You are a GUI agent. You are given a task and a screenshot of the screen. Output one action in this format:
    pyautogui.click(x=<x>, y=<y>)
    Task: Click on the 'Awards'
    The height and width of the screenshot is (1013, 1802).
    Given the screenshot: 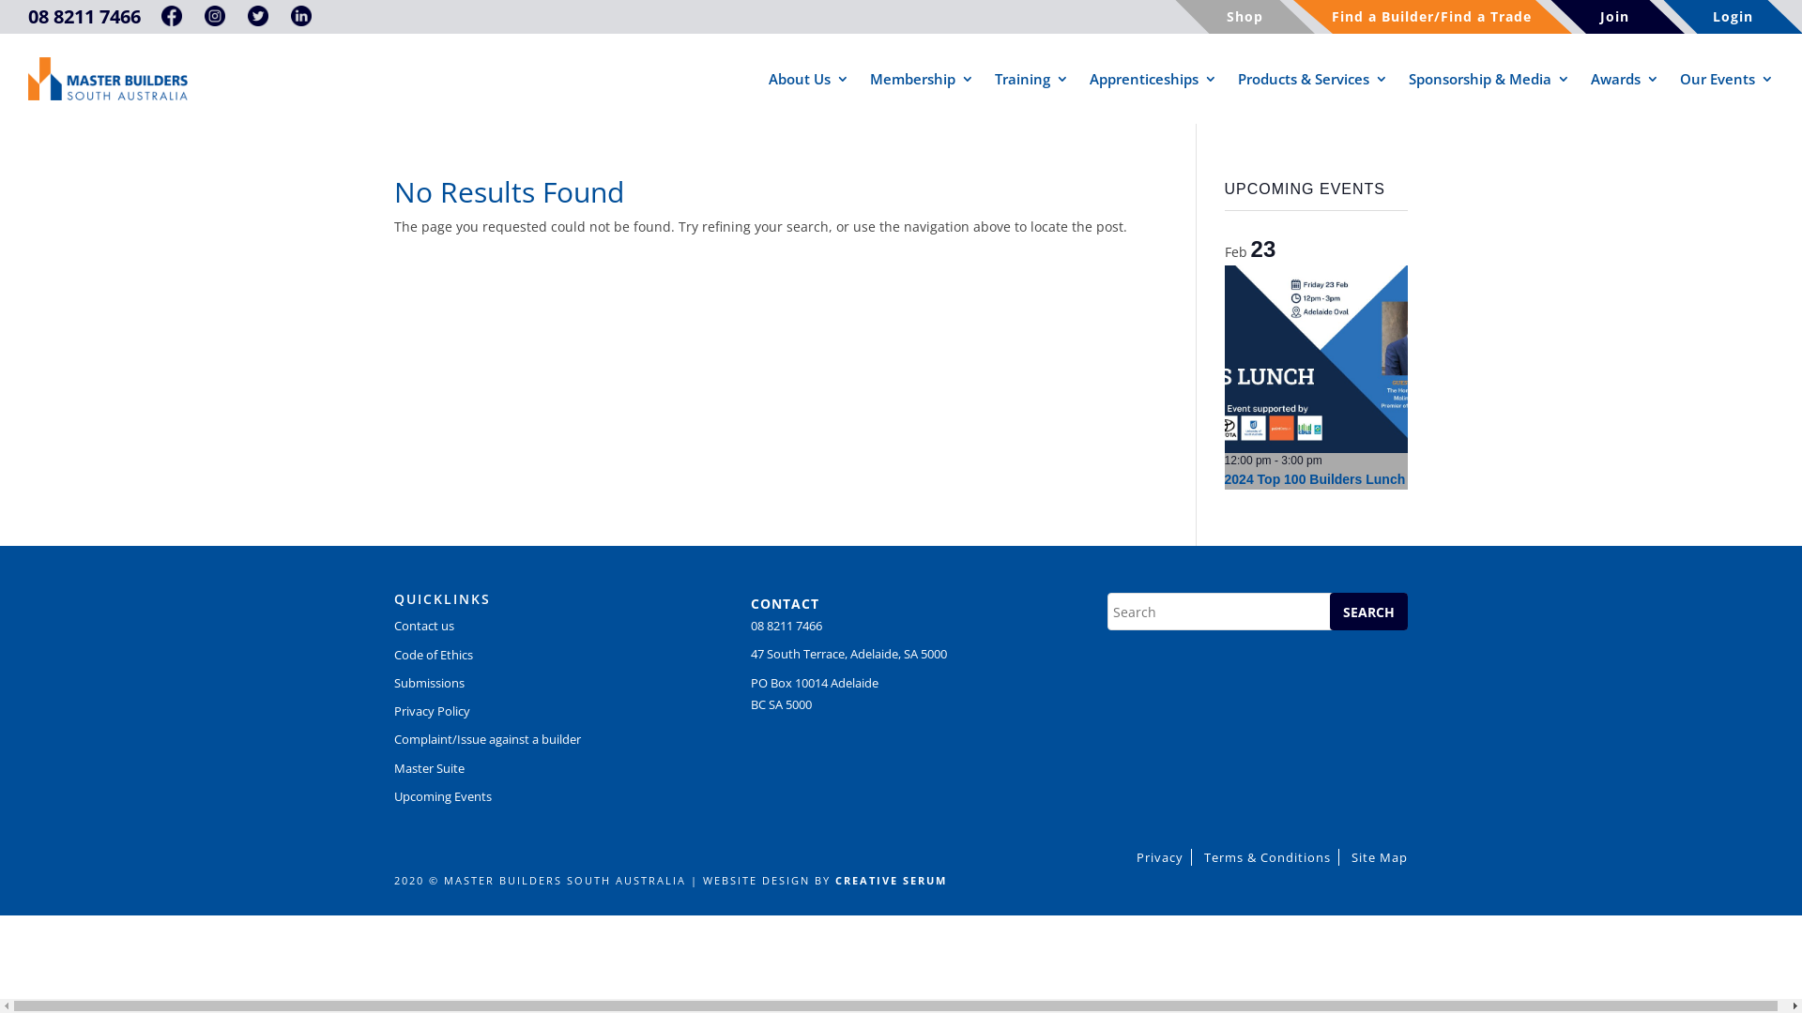 What is the action you would take?
    pyautogui.click(x=1624, y=78)
    